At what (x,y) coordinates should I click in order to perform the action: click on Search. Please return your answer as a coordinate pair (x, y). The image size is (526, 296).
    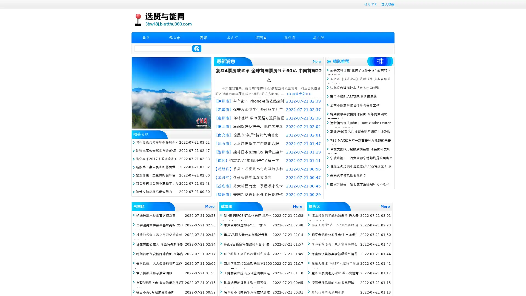
    Looking at the image, I should click on (197, 48).